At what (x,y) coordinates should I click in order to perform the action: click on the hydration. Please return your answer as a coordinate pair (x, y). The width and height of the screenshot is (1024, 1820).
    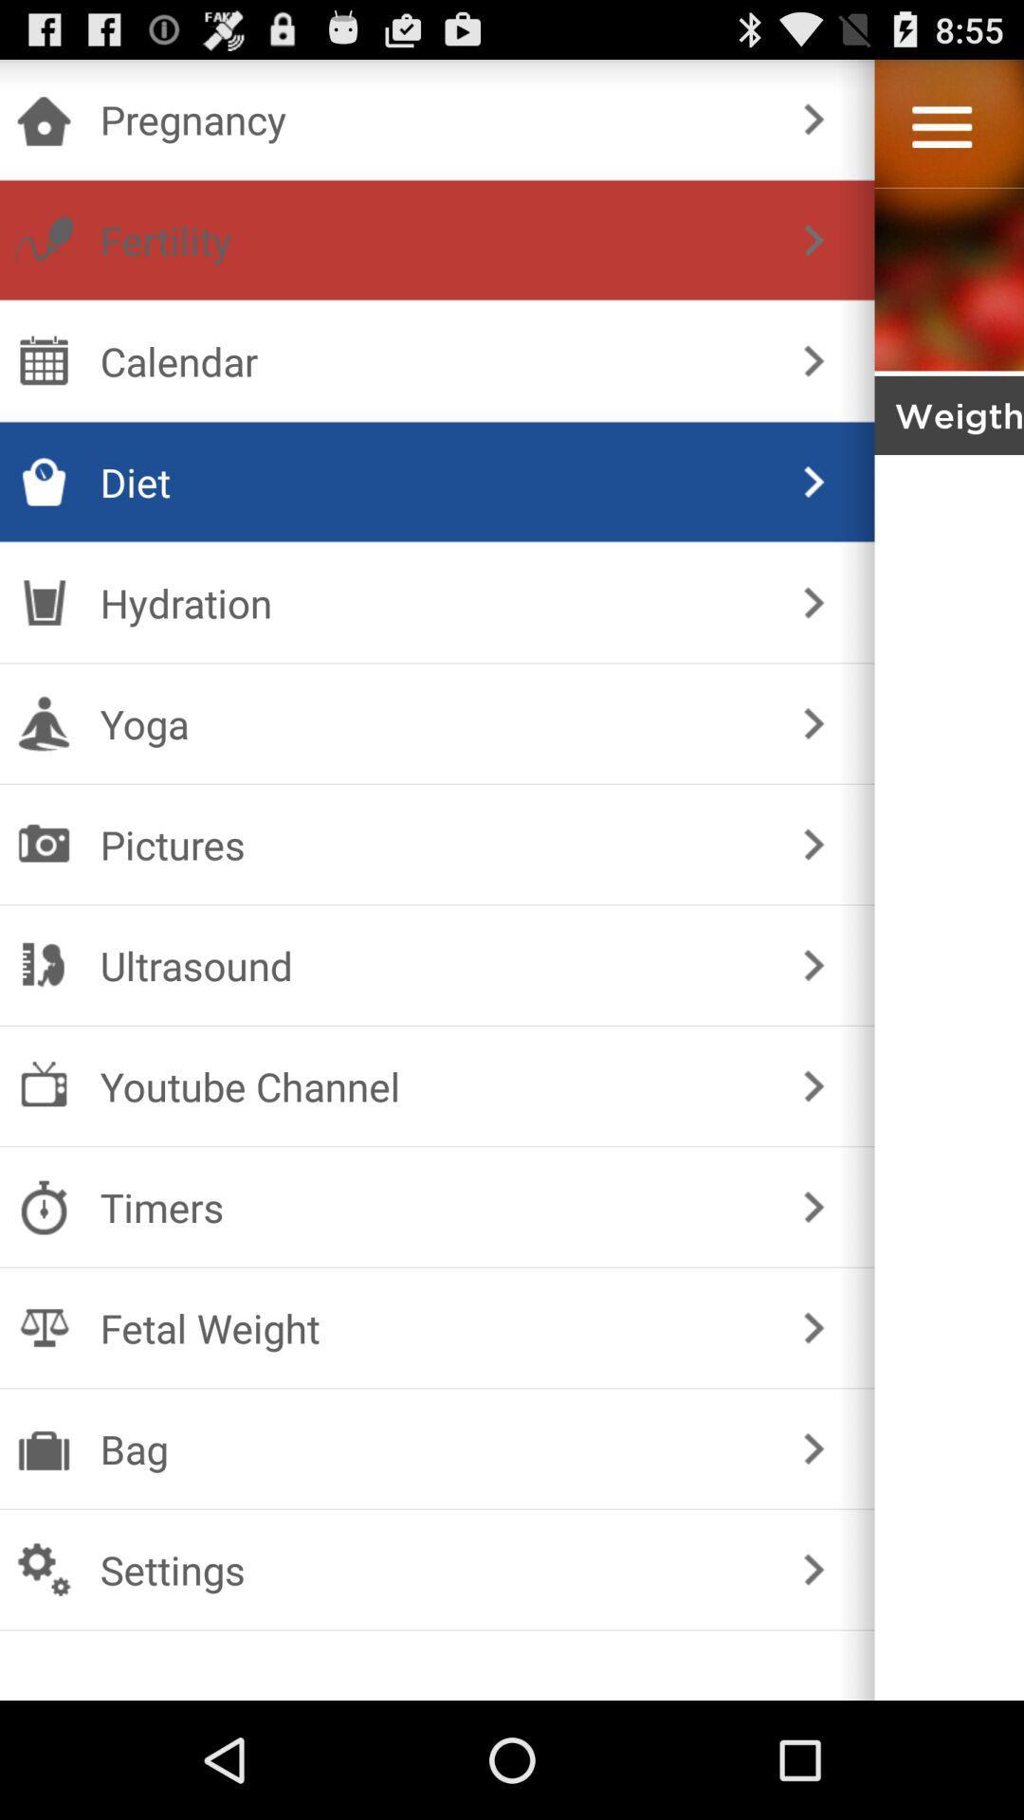
    Looking at the image, I should click on (433, 601).